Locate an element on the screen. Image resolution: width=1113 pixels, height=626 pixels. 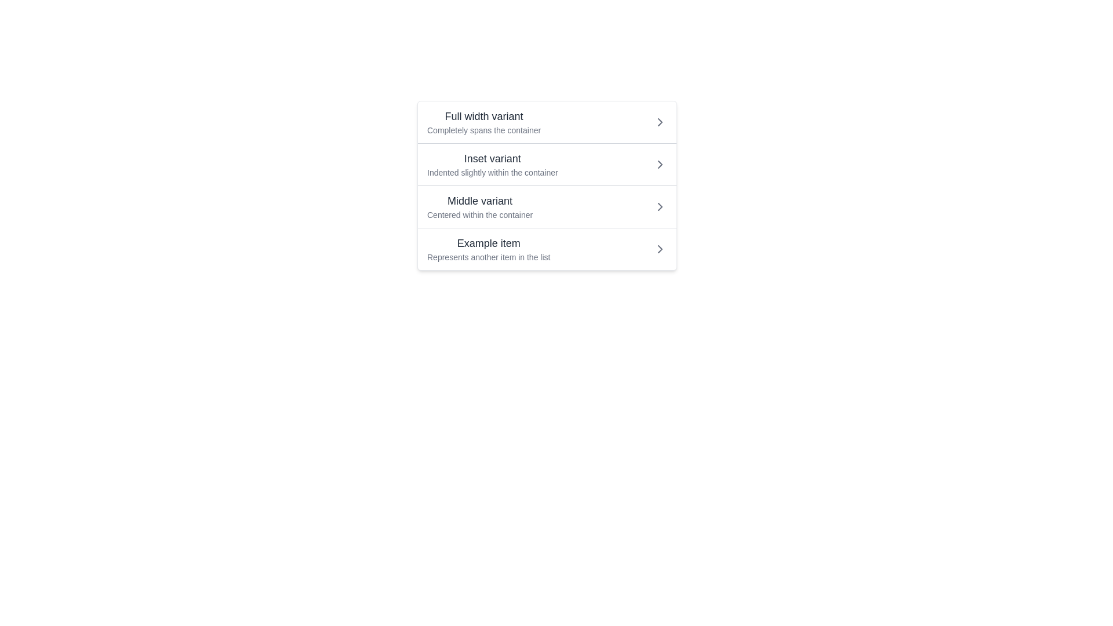
the chevron arrow icon located to the far-right of the first row labeled 'Full width variant' in a vertical list of options is located at coordinates (660, 122).